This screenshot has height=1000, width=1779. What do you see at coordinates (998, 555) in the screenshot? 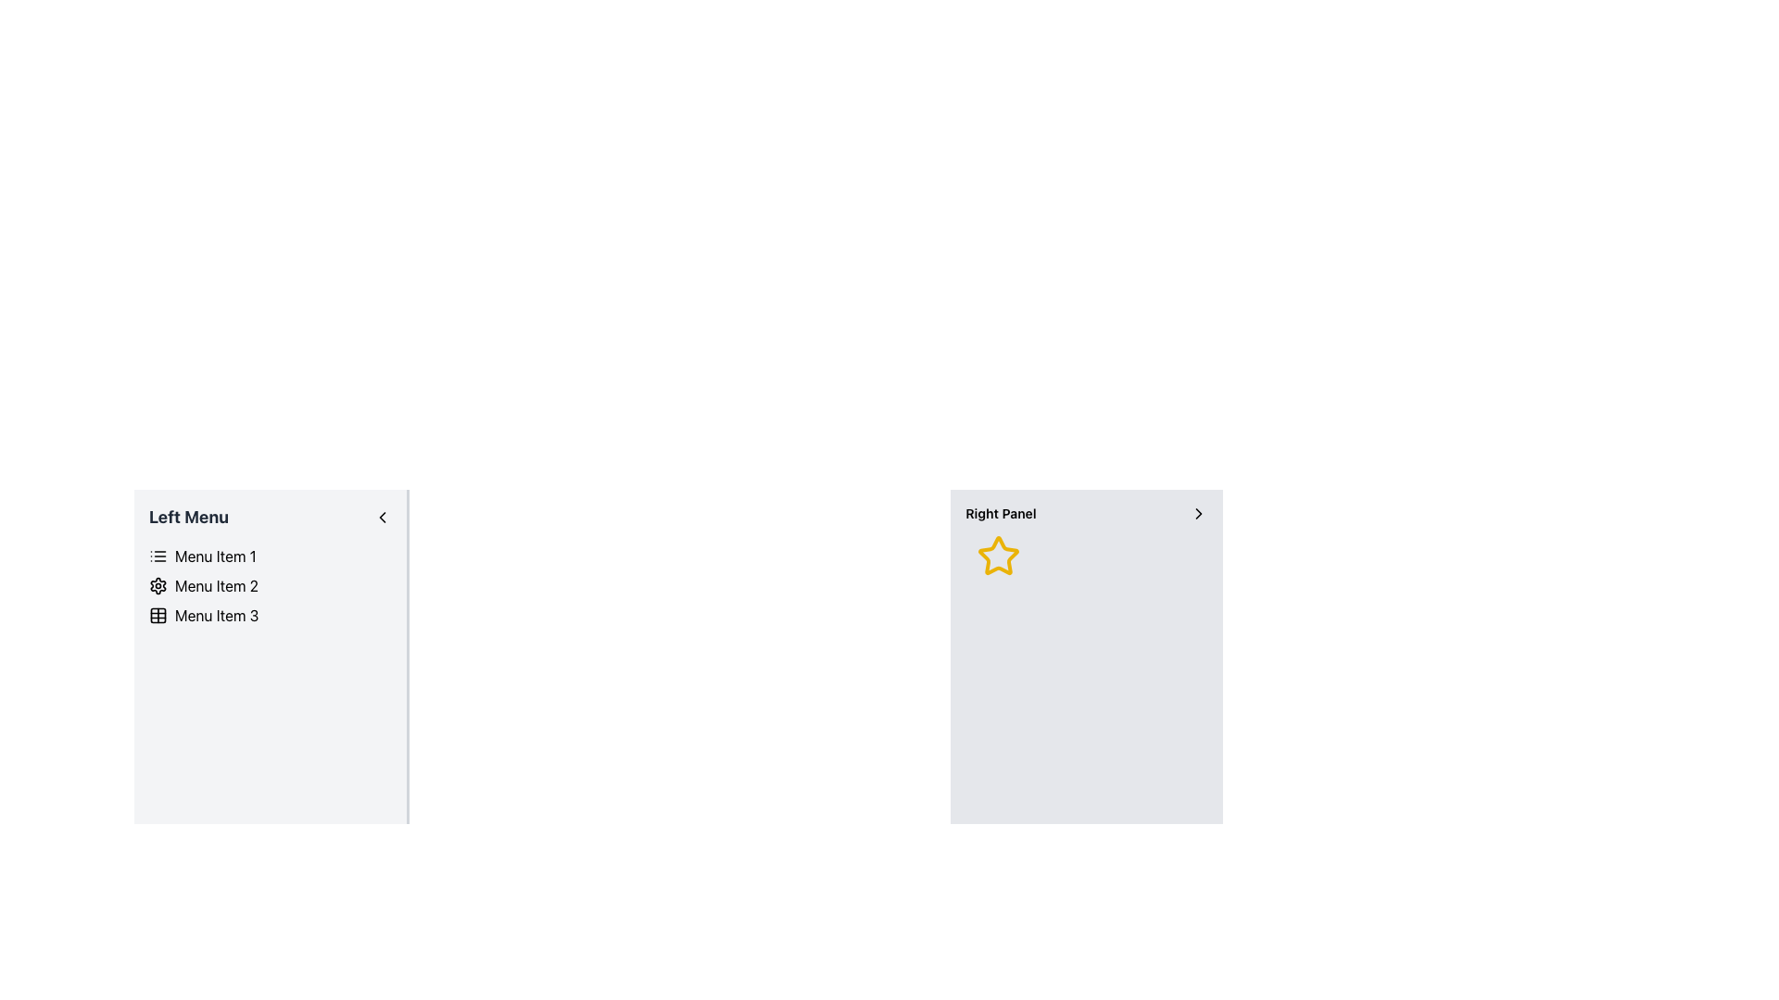
I see `the star icon located in the right panel under the 'Right Panel' heading` at bounding box center [998, 555].